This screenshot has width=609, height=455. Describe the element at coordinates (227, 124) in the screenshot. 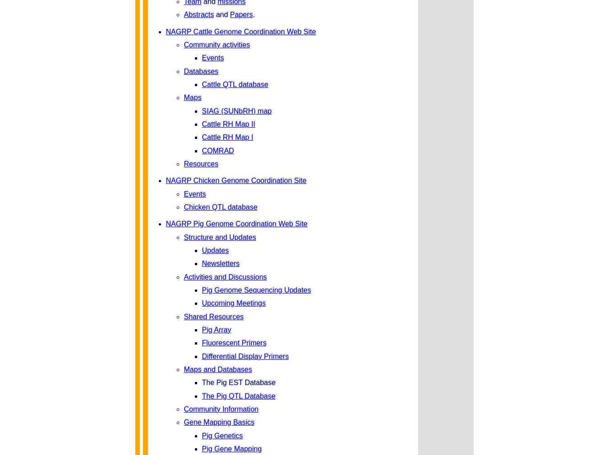

I see `'Cattle RH Map II'` at that location.